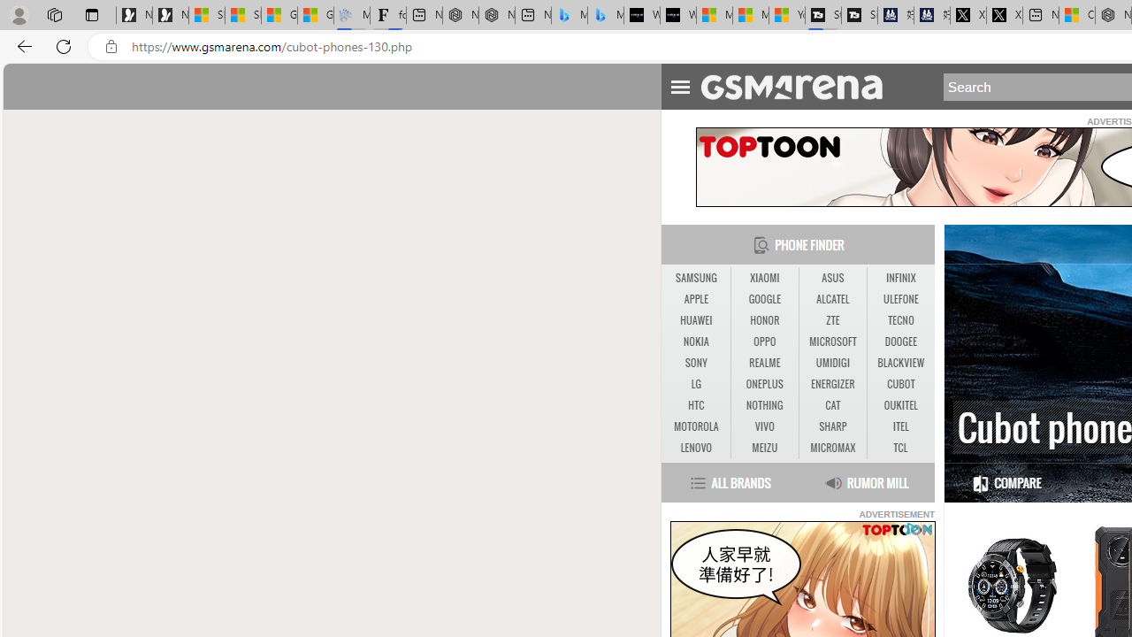 The width and height of the screenshot is (1132, 637). I want to click on 'NOTHING', so click(764, 405).